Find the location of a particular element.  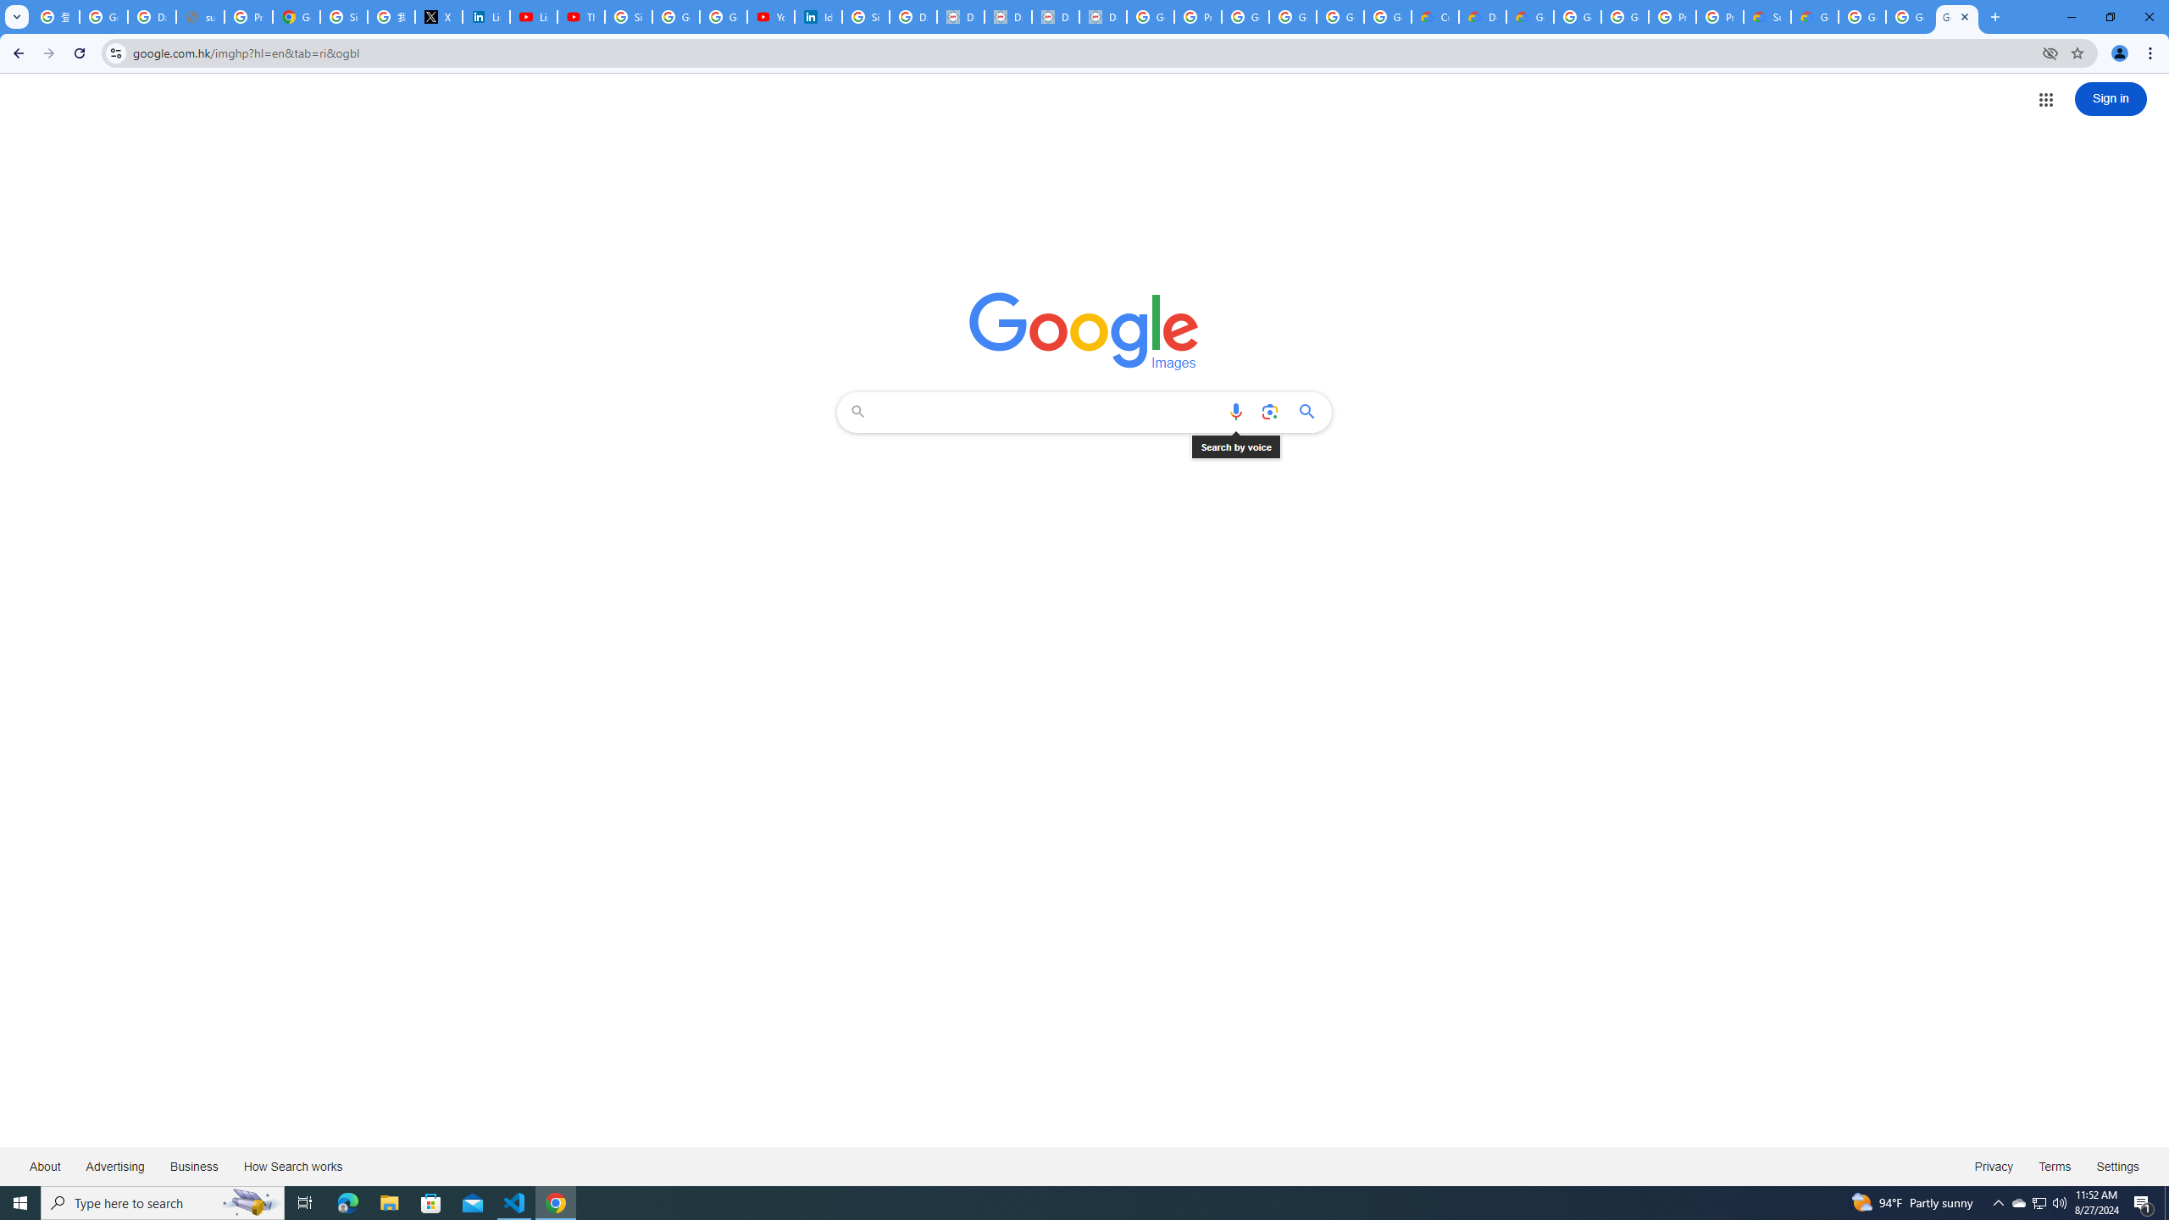

'About' is located at coordinates (44, 1165).